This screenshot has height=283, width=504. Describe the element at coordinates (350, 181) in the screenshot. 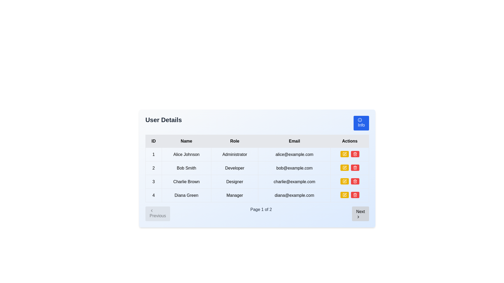

I see `across the action buttons in the 'Actions' column of the table for the row associated with 'Charlie Brown'` at that location.